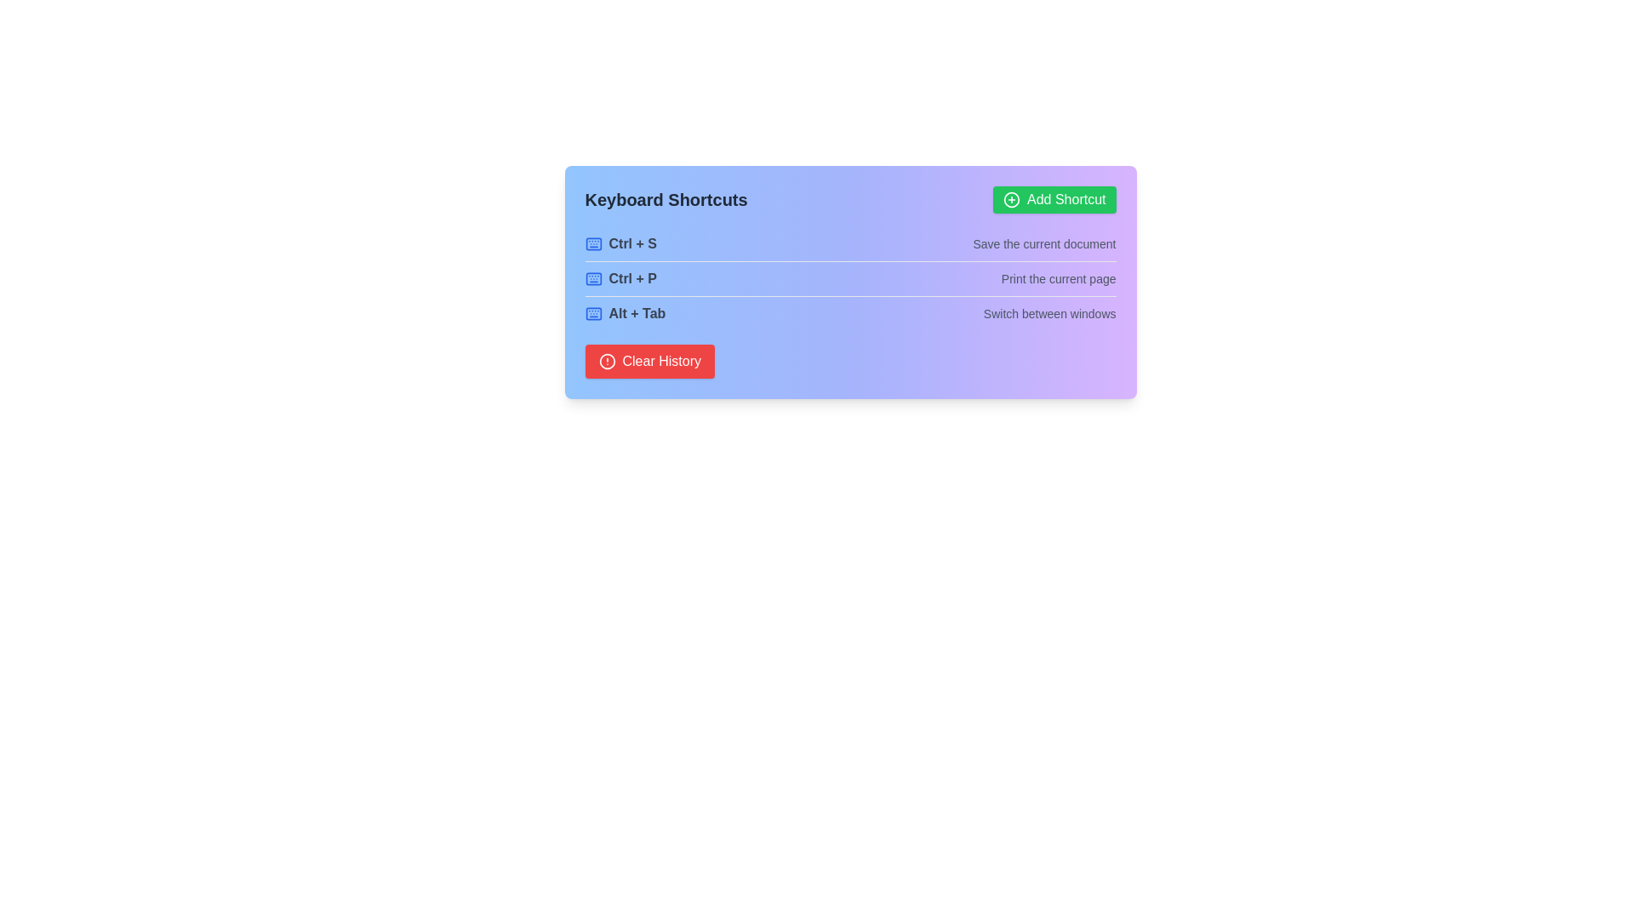 Image resolution: width=1634 pixels, height=919 pixels. Describe the element at coordinates (620, 277) in the screenshot. I see `displayed text 'Ctrl + P' from the text with the blue keyboard icon, which is the second entry in the list of keyboard shortcuts` at that location.